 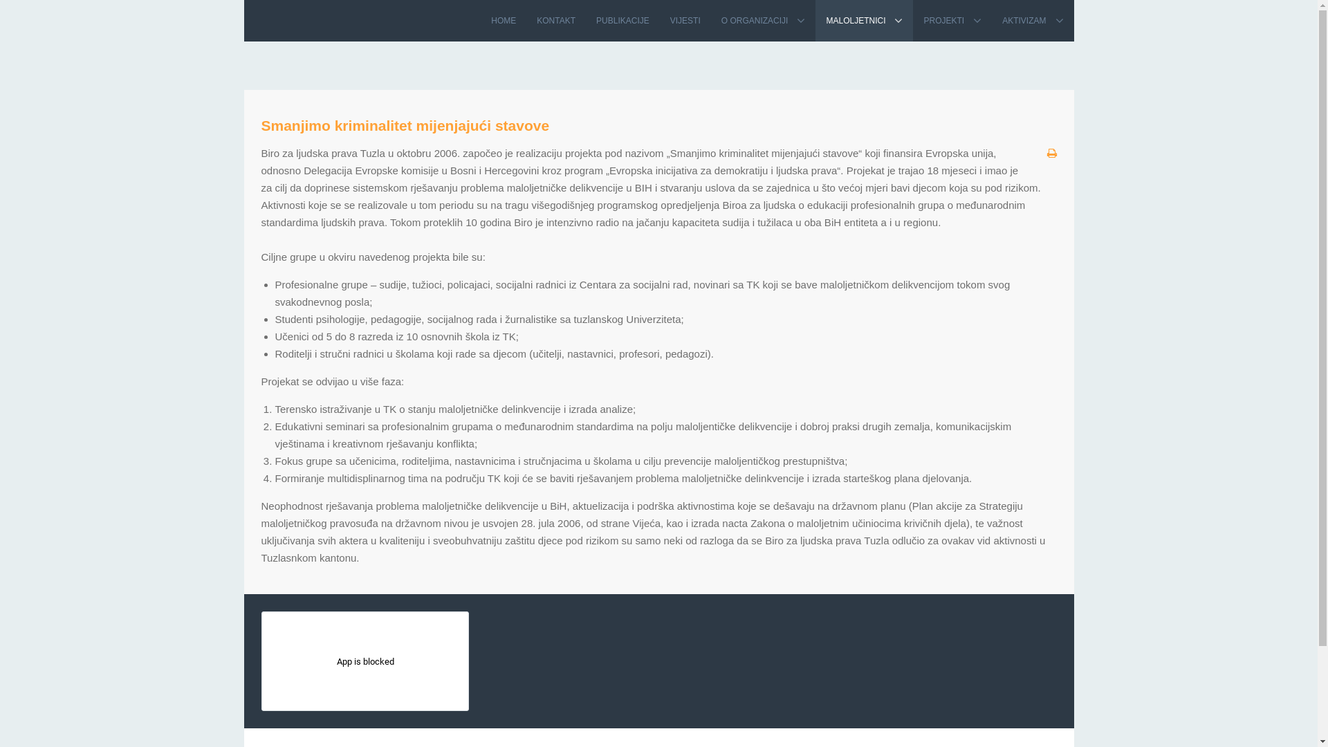 What do you see at coordinates (556, 21) in the screenshot?
I see `'KONTAKT'` at bounding box center [556, 21].